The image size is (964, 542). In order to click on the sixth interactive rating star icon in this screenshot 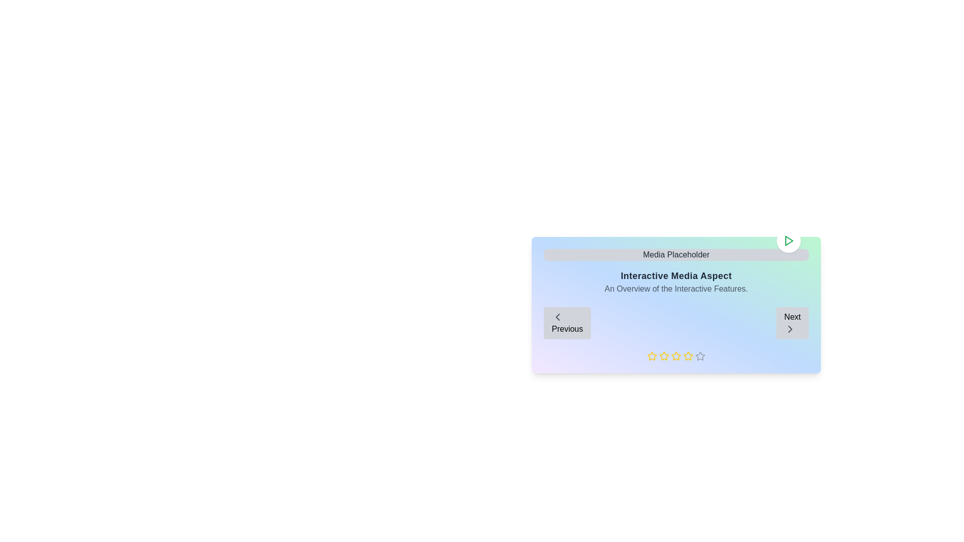, I will do `click(688, 355)`.